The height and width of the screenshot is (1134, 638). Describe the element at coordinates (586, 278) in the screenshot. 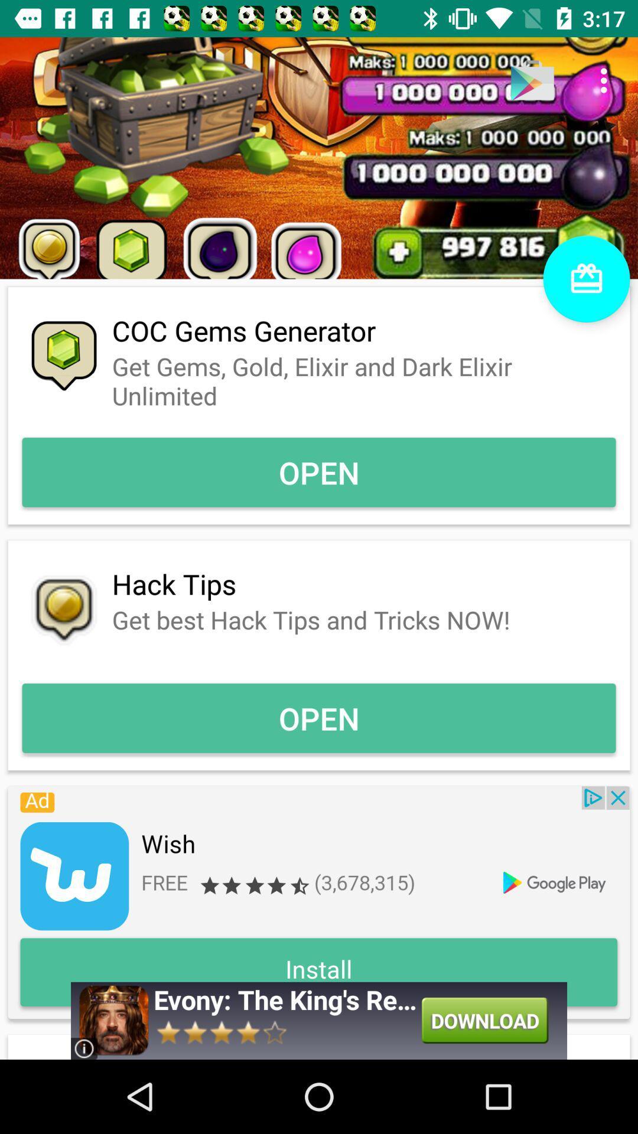

I see `open perks menu` at that location.